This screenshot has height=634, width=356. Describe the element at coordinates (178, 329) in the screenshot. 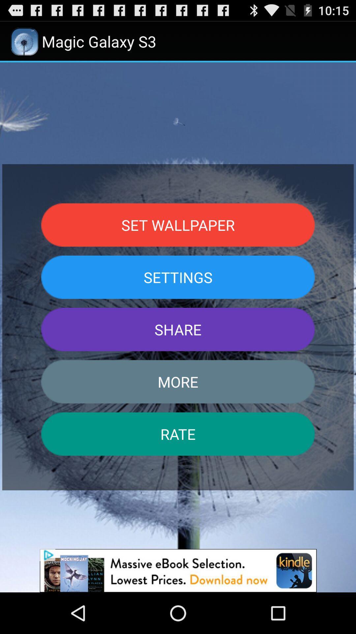

I see `icon below the settings item` at that location.